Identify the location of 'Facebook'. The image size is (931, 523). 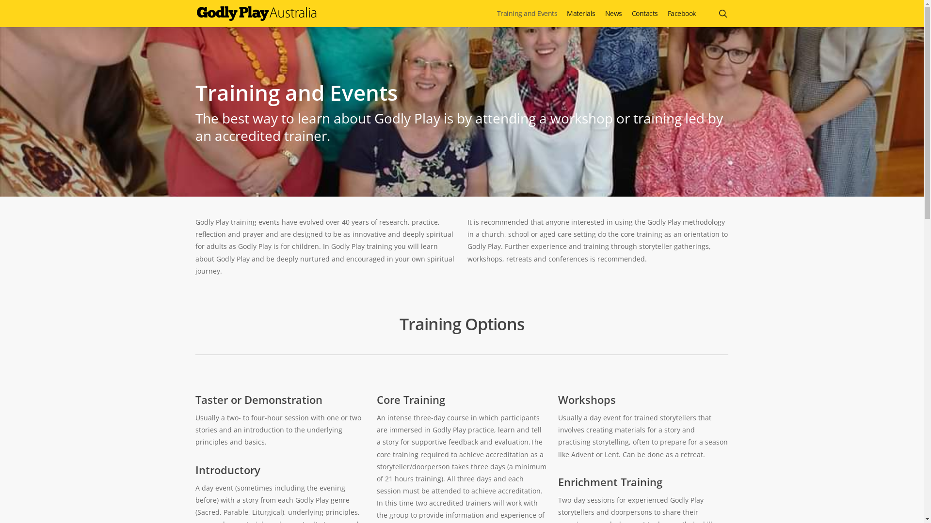
(681, 13).